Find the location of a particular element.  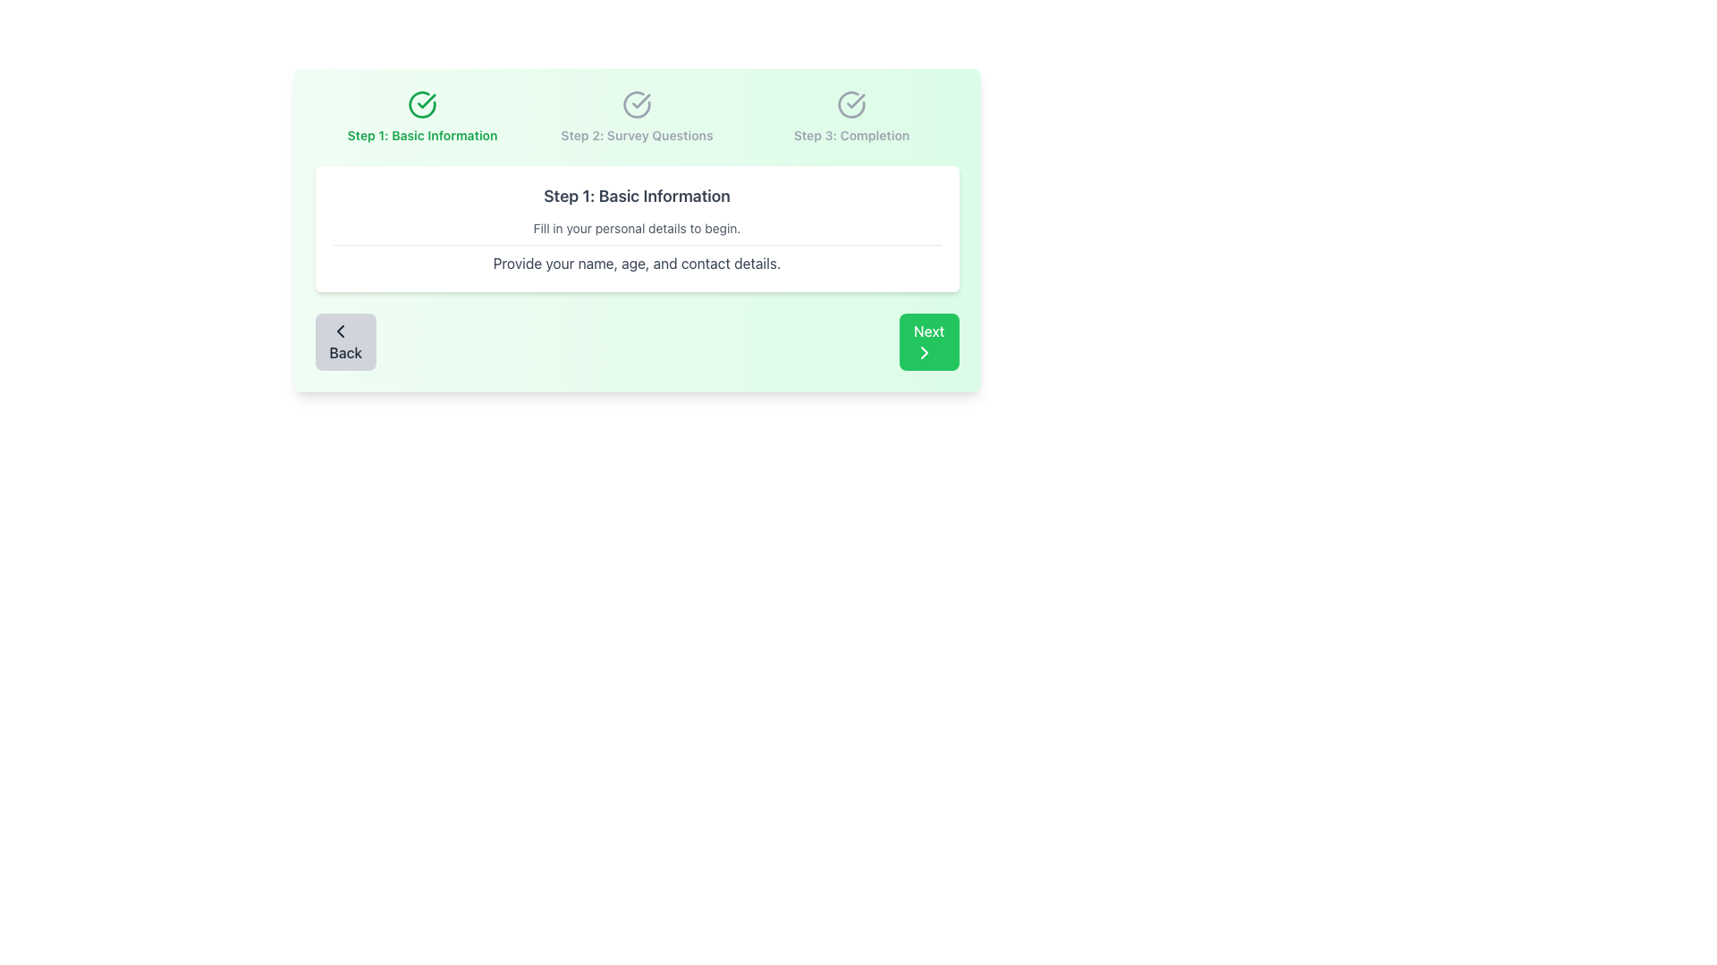

the 'Back' button which contains a leftward chevron icon styled with a thin black outline is located at coordinates (340, 331).